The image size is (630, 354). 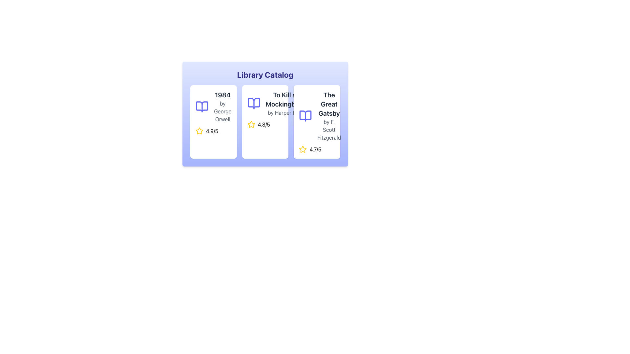 What do you see at coordinates (315, 149) in the screenshot?
I see `the static text displaying the numeric rating of the associated book in the catalog, located in the lower-left corner of the third card, adjacent to the yellow star icon` at bounding box center [315, 149].